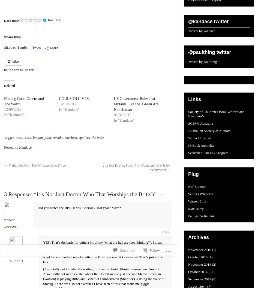 The height and width of the screenshot is (288, 270). Describe the element at coordinates (11, 21) in the screenshot. I see `'Rate this:'` at that location.